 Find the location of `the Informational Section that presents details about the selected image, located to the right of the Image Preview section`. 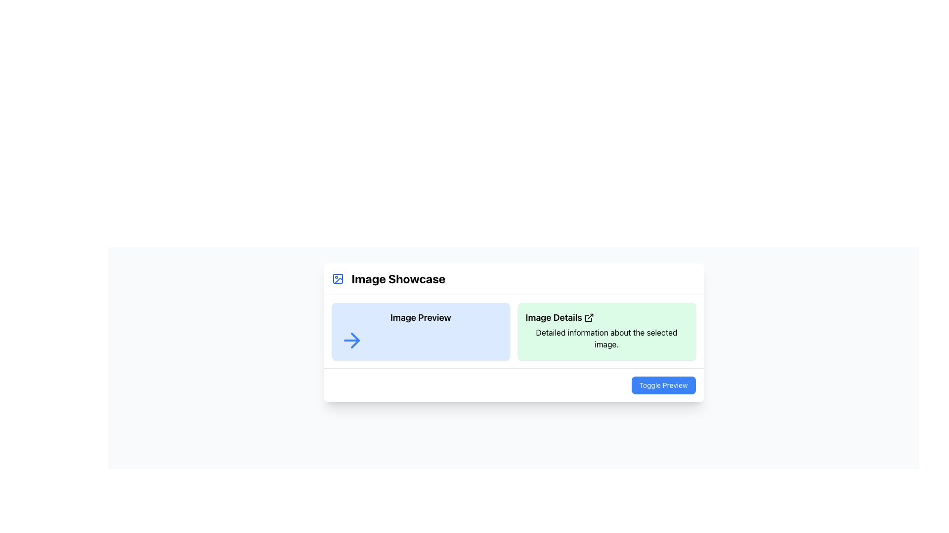

the Informational Section that presents details about the selected image, located to the right of the Image Preview section is located at coordinates (606, 331).